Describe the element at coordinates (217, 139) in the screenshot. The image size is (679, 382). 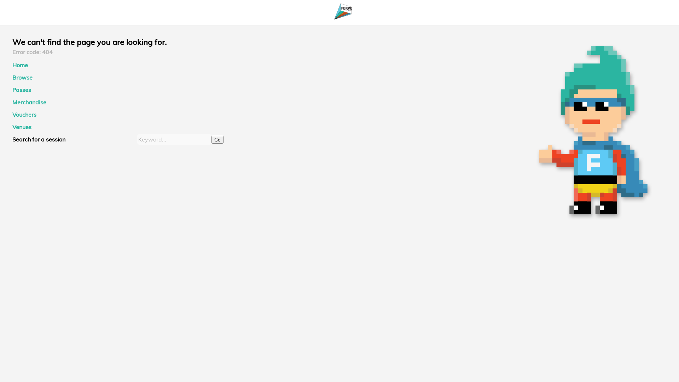
I see `'Go'` at that location.